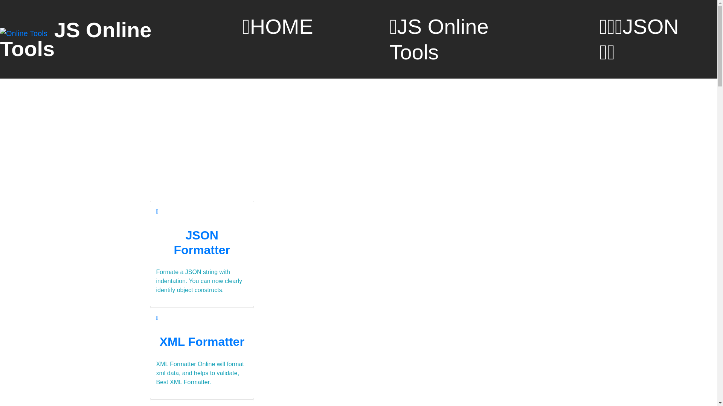 The width and height of the screenshot is (723, 406). What do you see at coordinates (202, 342) in the screenshot?
I see `'XML Formatter'` at bounding box center [202, 342].